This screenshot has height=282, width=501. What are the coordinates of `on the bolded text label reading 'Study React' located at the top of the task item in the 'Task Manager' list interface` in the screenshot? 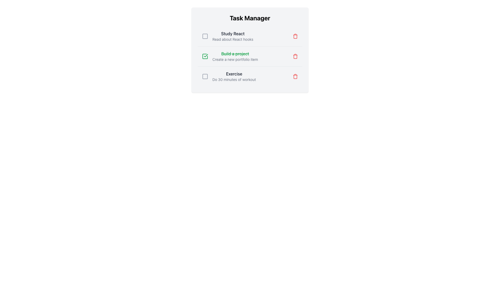 It's located at (232, 33).